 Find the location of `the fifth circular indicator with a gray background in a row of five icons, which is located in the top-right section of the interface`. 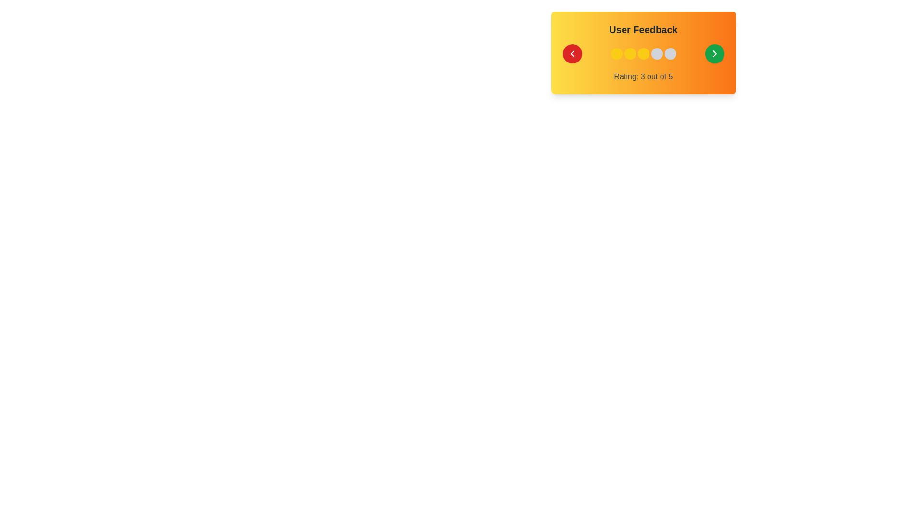

the fifth circular indicator with a gray background in a row of five icons, which is located in the top-right section of the interface is located at coordinates (670, 53).